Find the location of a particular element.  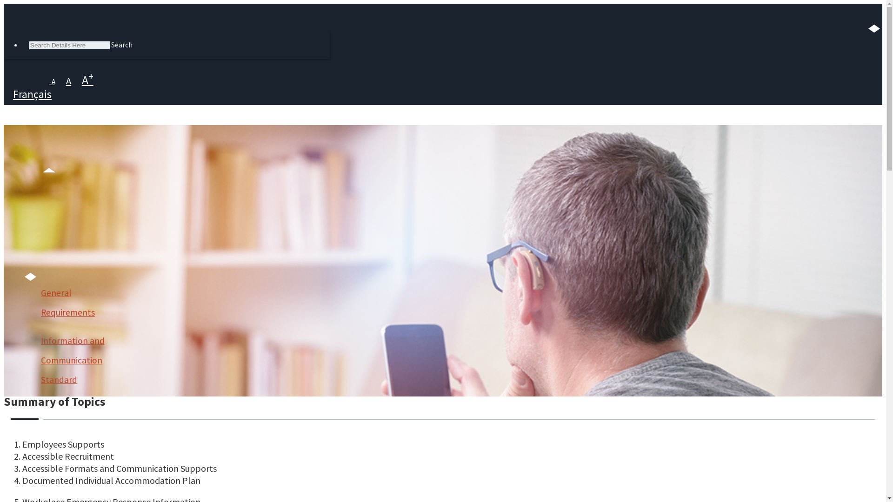

'Design of Public Spaces Standard' is located at coordinates (78, 466).